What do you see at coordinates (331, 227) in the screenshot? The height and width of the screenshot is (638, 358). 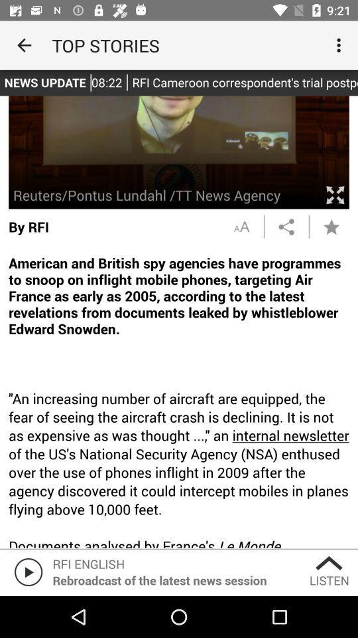 I see `a star icon which is on the right side of the page` at bounding box center [331, 227].